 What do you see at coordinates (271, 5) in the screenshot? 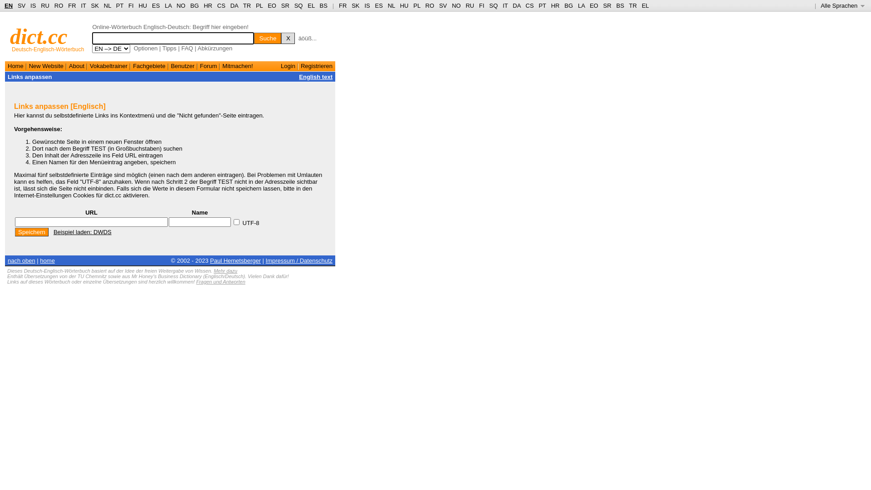
I see `'EO'` at bounding box center [271, 5].